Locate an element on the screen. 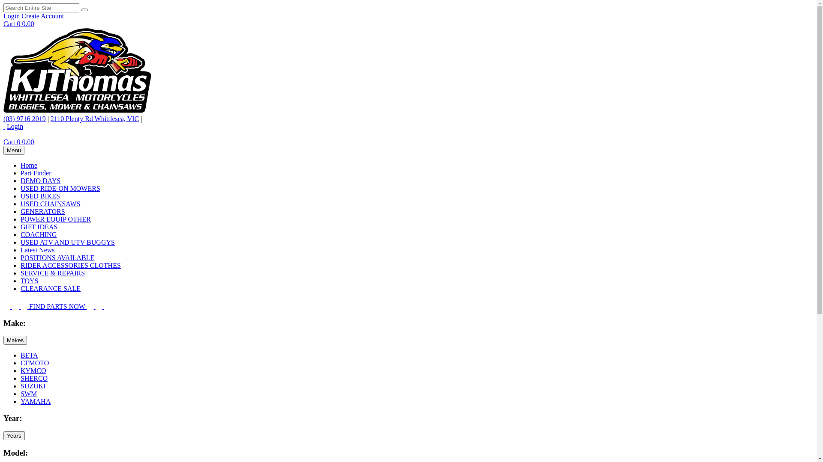 Image resolution: width=823 pixels, height=462 pixels. 'SWM' is located at coordinates (21, 394).